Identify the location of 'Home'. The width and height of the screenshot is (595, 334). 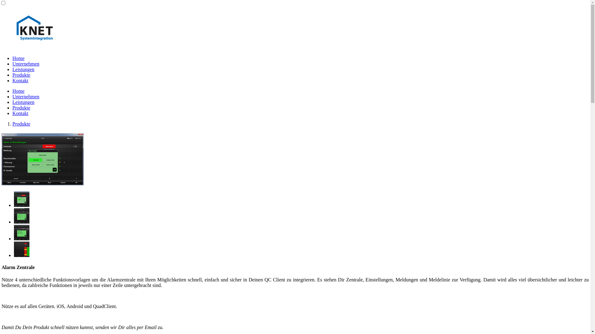
(18, 91).